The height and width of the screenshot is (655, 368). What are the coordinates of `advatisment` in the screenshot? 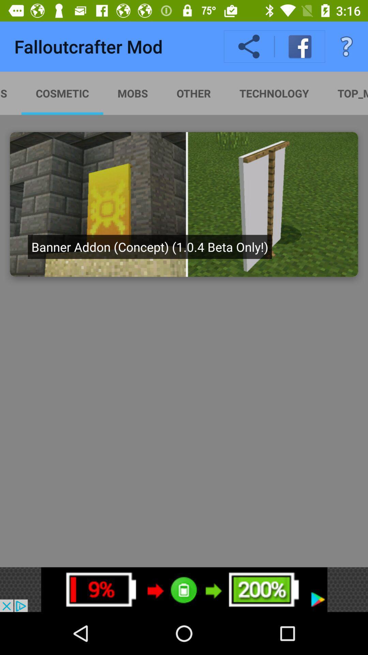 It's located at (184, 204).